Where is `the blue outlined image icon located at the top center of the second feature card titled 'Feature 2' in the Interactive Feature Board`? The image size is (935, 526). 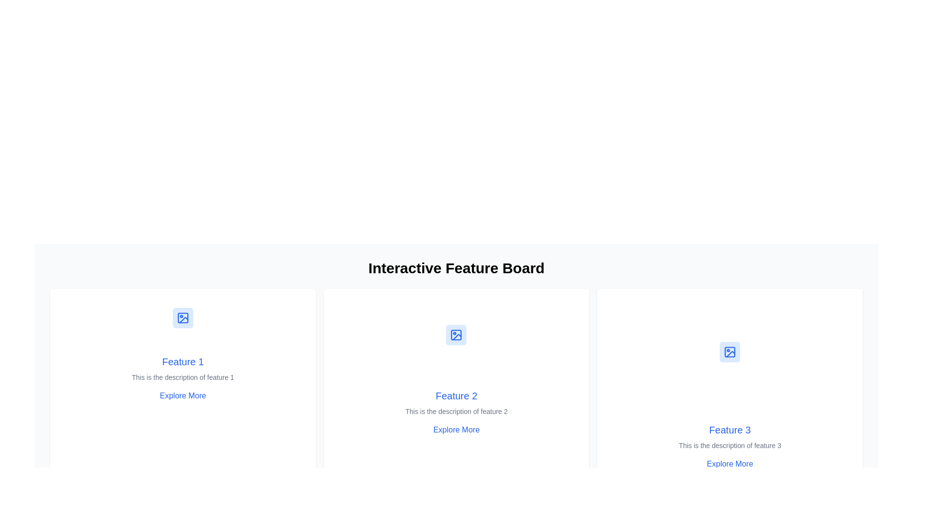 the blue outlined image icon located at the top center of the second feature card titled 'Feature 2' in the Interactive Feature Board is located at coordinates (456, 334).